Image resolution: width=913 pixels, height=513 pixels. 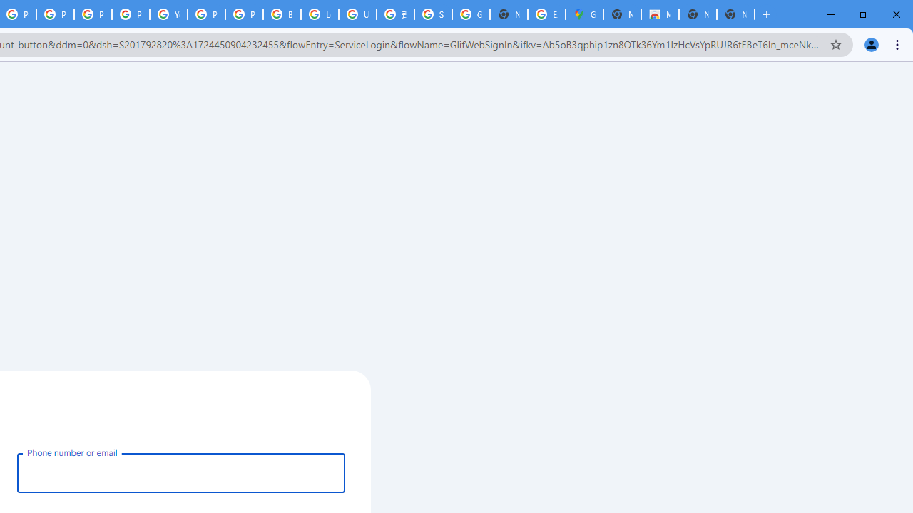 I want to click on 'Google Maps', so click(x=584, y=14).